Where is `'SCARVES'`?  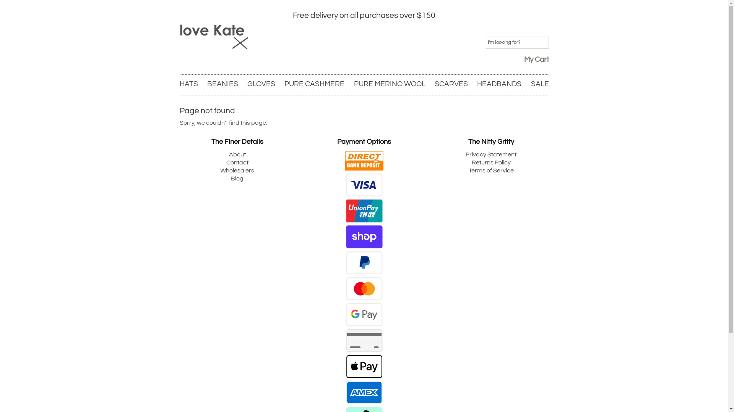 'SCARVES' is located at coordinates (451, 84).